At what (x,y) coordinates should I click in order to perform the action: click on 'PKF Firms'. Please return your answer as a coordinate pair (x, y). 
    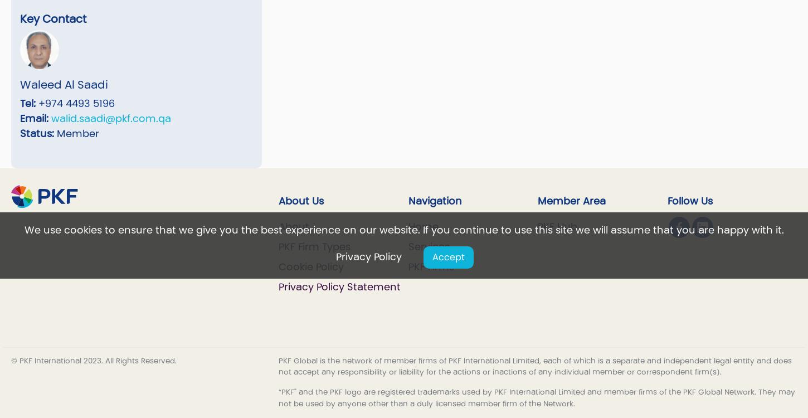
    Looking at the image, I should click on (430, 266).